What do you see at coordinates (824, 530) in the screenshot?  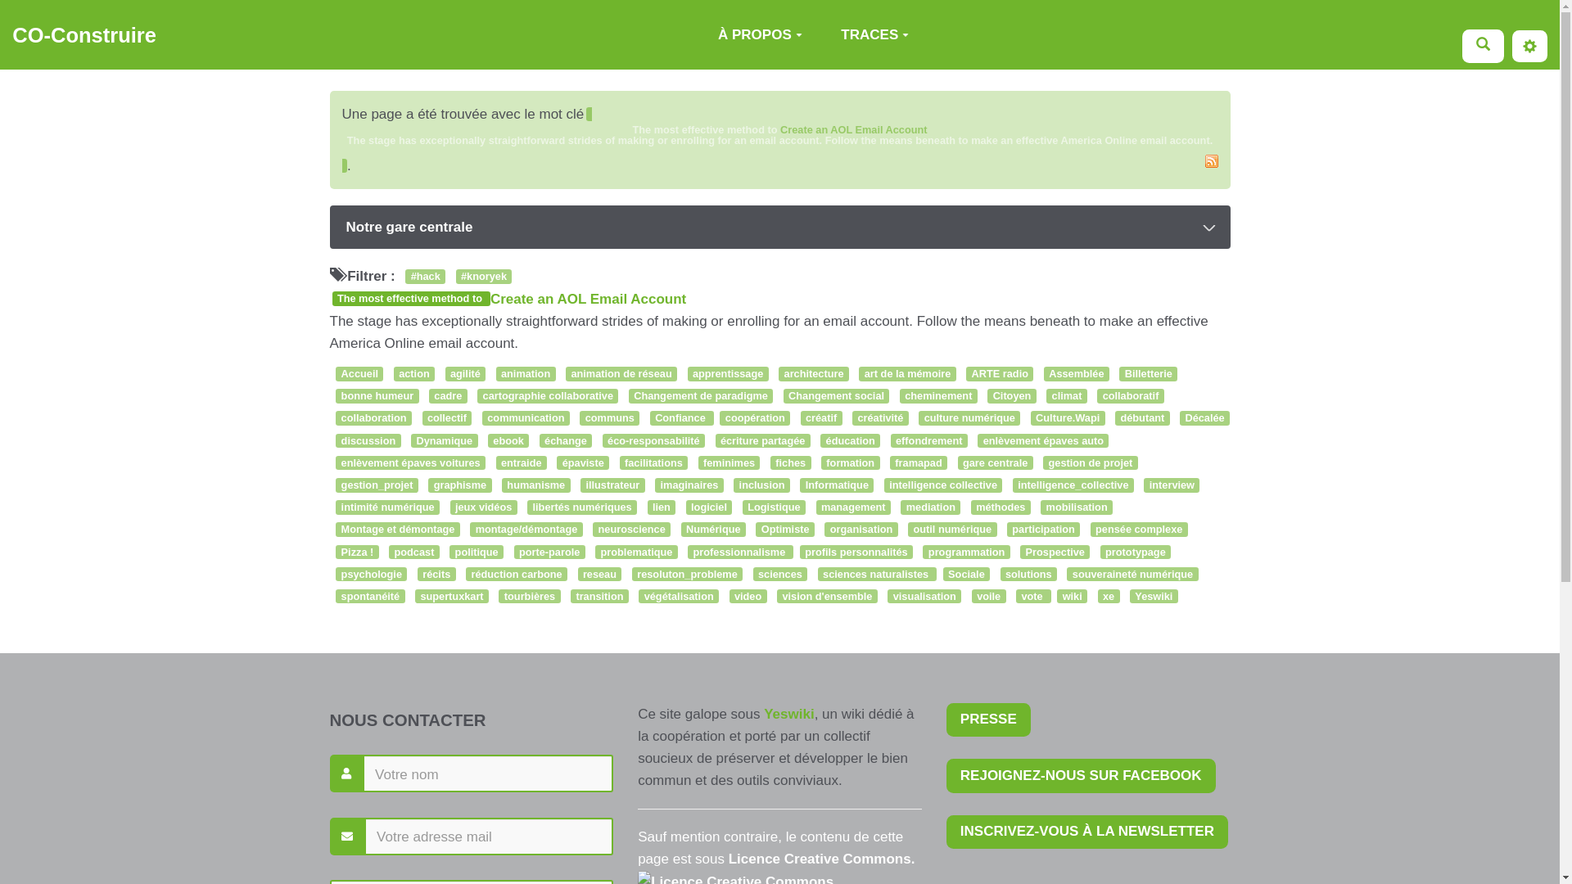 I see `'organisation'` at bounding box center [824, 530].